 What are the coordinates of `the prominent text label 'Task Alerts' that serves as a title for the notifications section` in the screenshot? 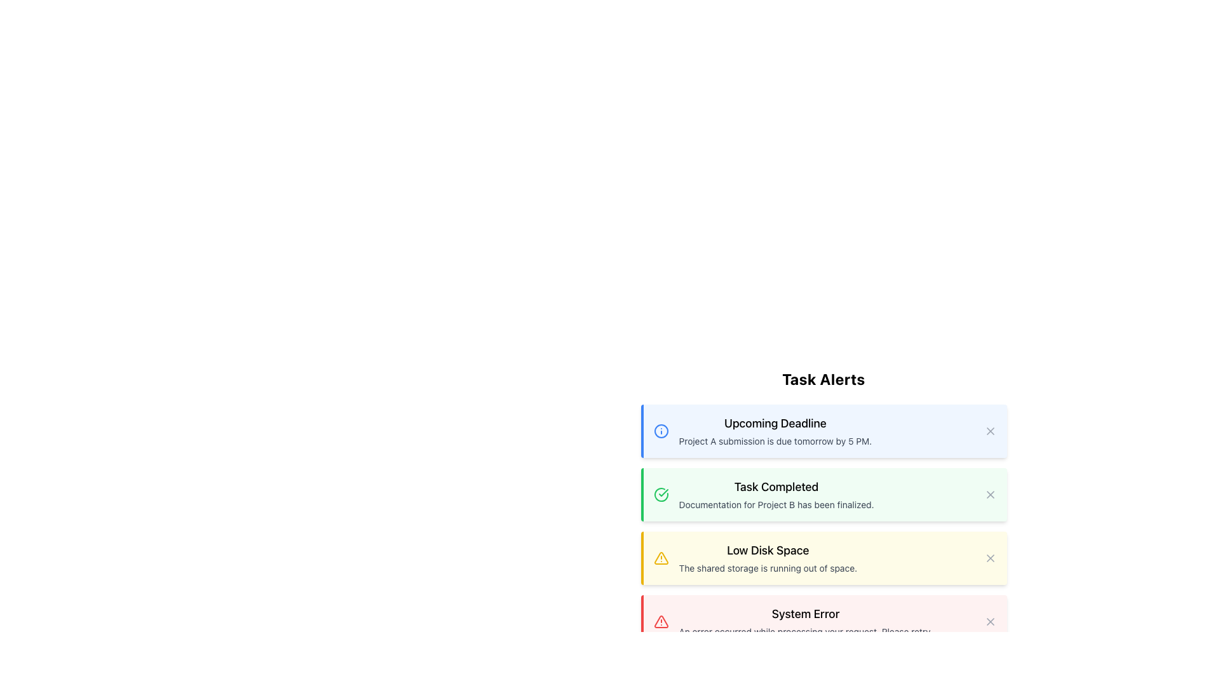 It's located at (823, 379).